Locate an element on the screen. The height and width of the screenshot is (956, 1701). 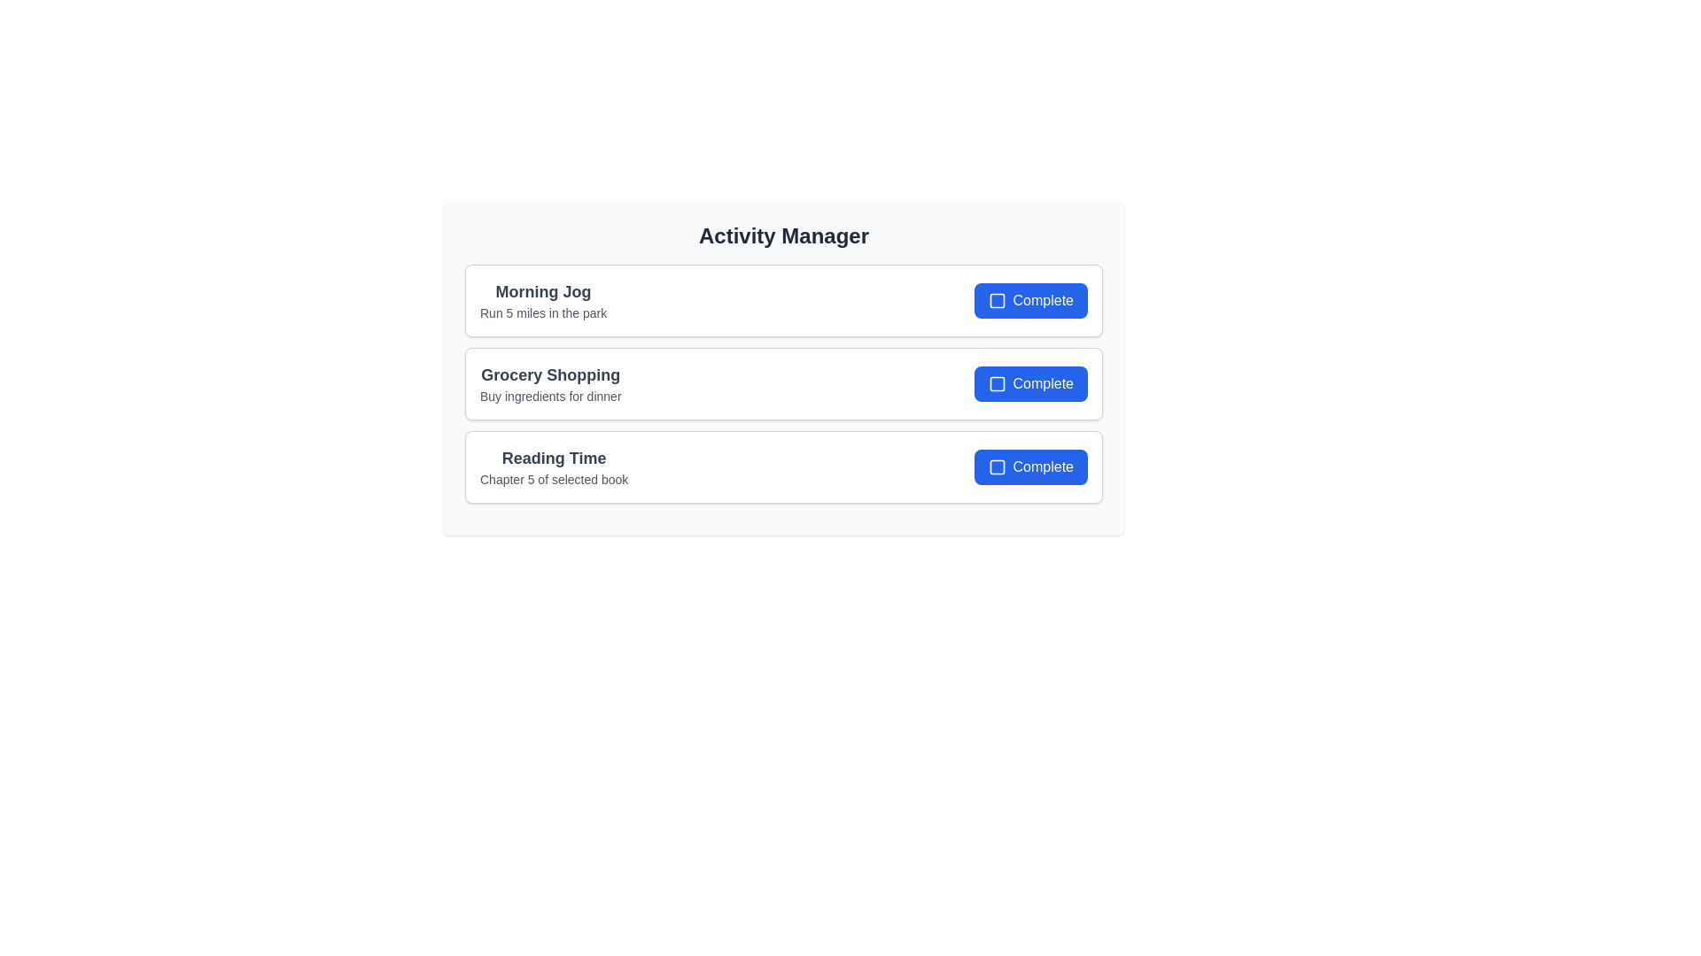
the decorative or interactive icon related to the 'Complete' button in the 'Reading Time' activity labeled 'Chapter 5 of selected book' is located at coordinates (997, 466).